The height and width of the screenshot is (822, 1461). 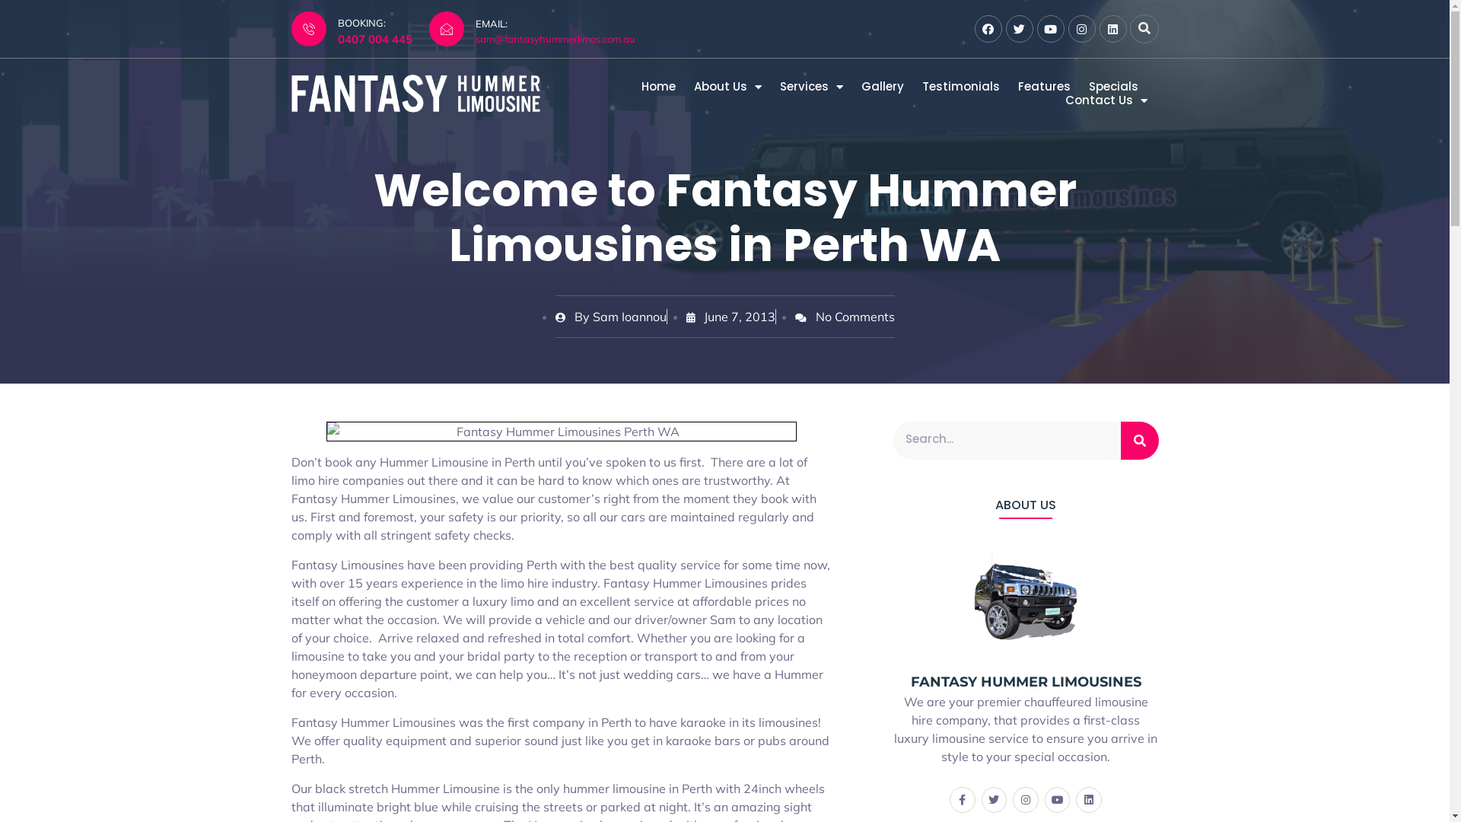 I want to click on 'No Comments', so click(x=793, y=316).